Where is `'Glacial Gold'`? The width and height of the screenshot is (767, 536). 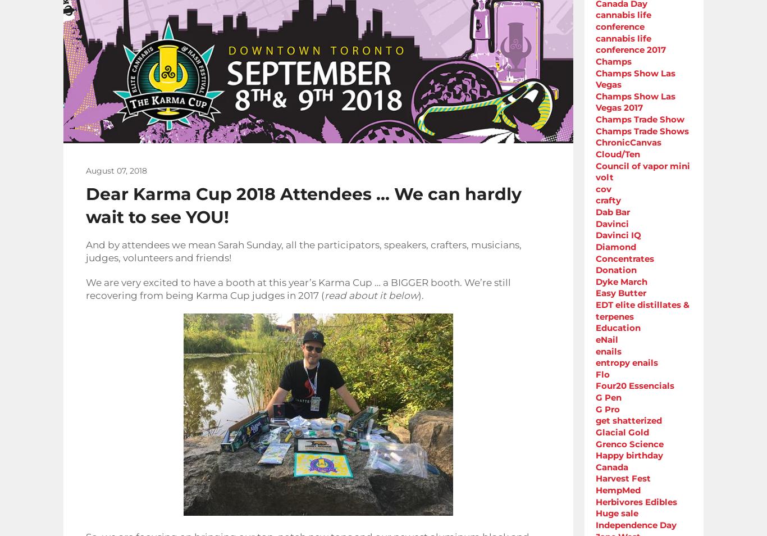
'Glacial Gold' is located at coordinates (622, 431).